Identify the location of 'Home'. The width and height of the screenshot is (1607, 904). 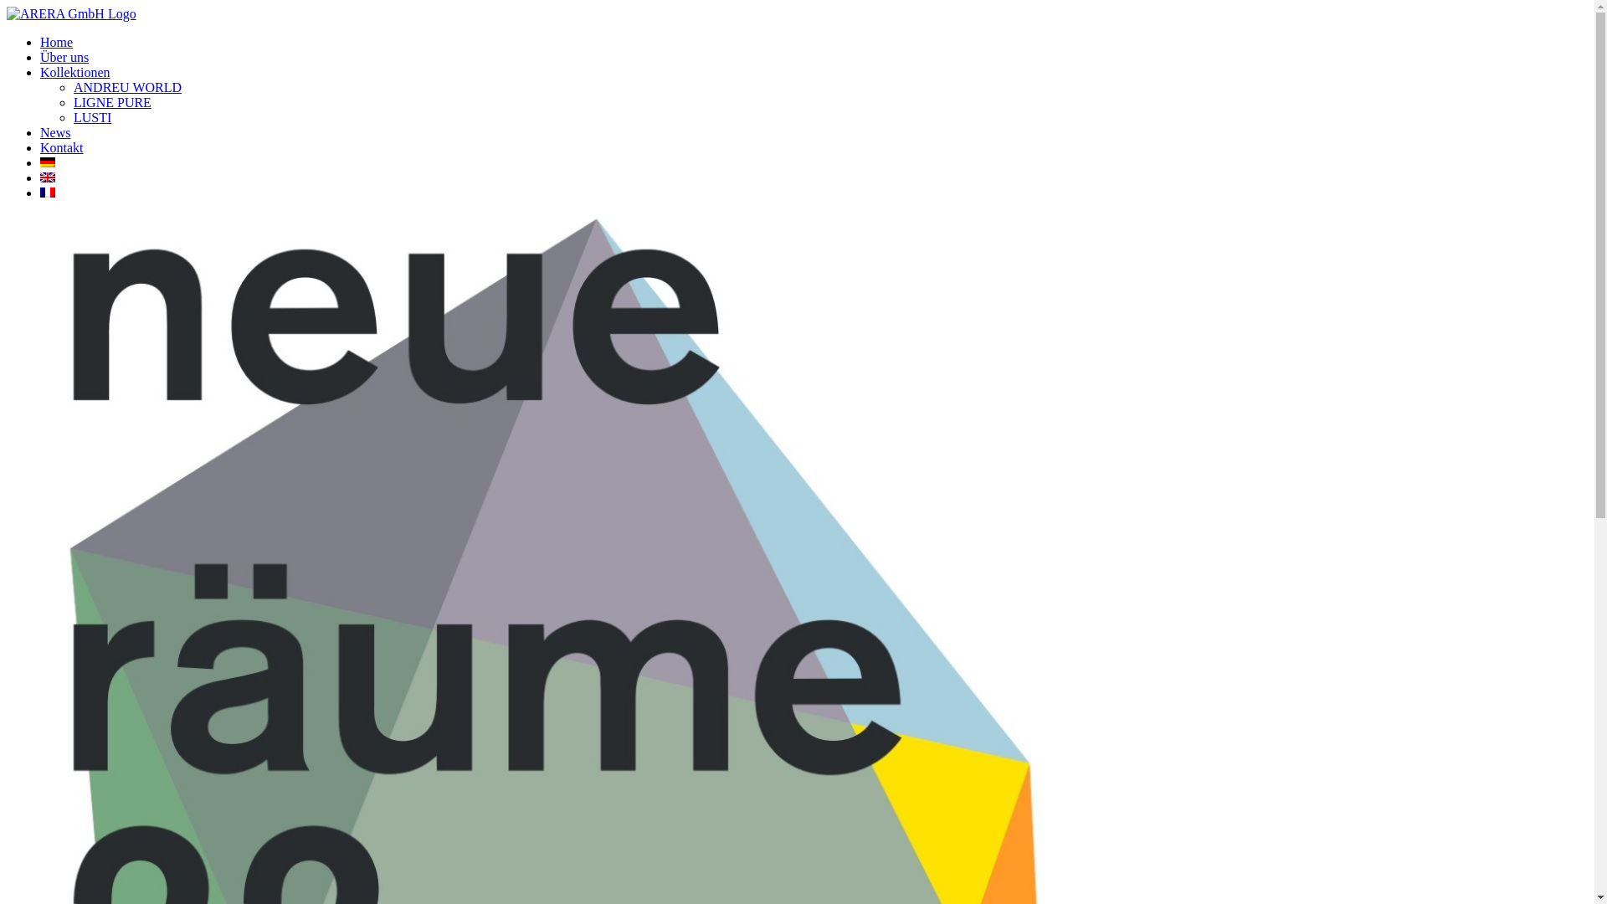
(56, 41).